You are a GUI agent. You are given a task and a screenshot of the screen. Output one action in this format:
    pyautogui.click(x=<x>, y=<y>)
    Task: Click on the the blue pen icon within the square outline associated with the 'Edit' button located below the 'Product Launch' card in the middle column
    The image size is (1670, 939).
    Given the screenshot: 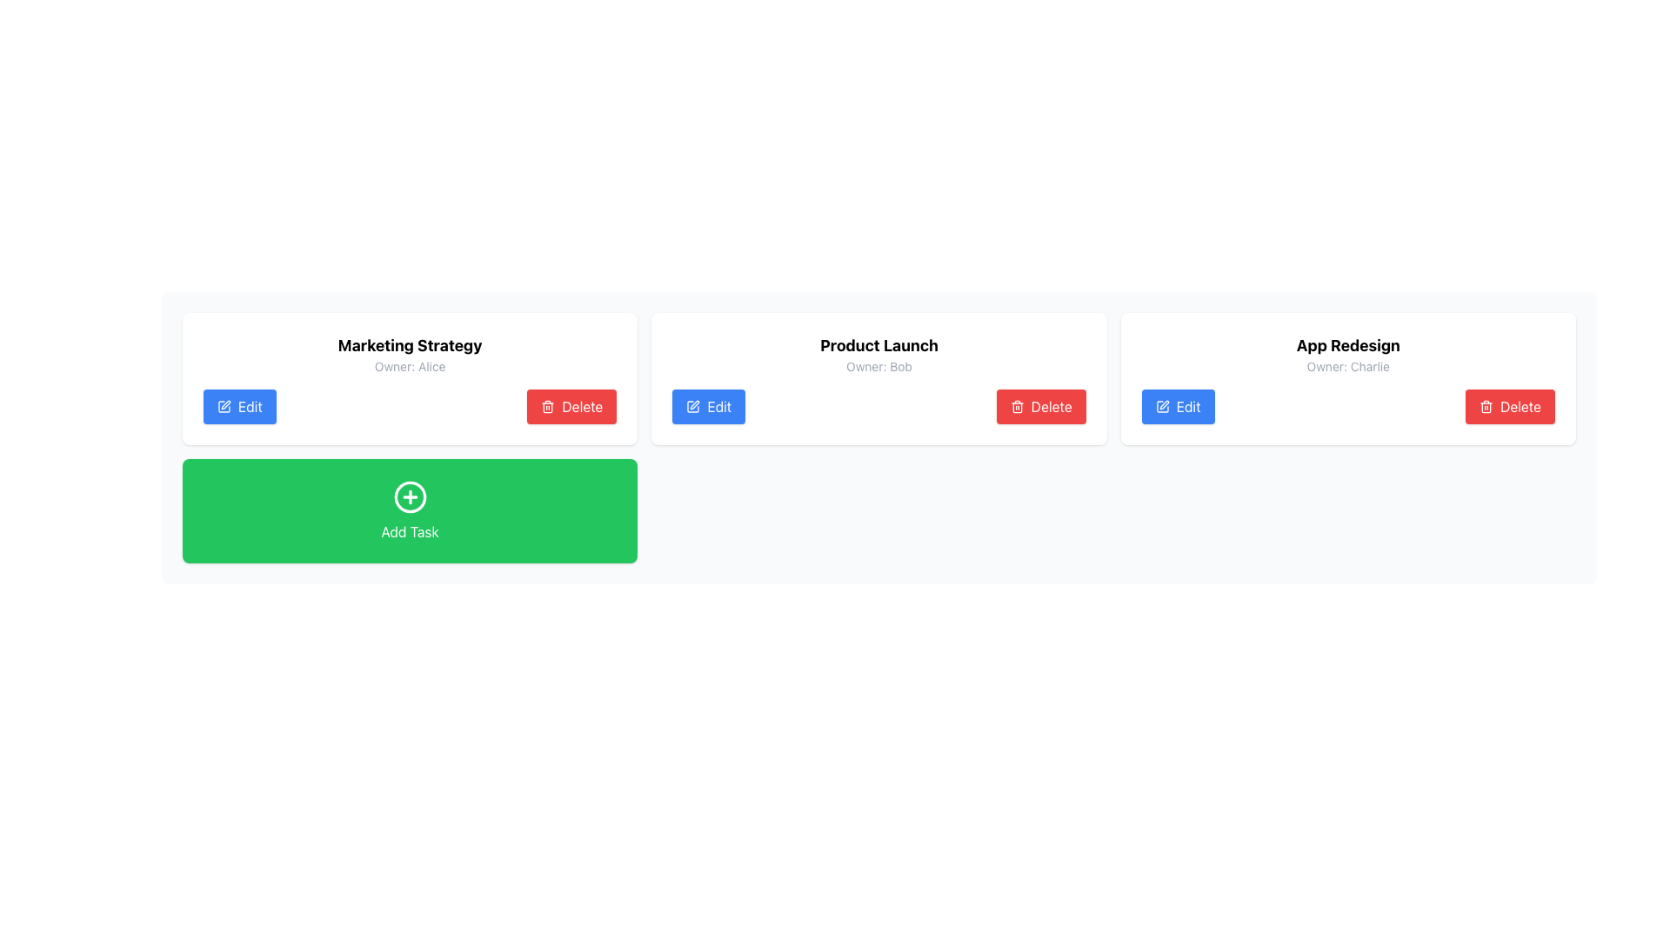 What is the action you would take?
    pyautogui.click(x=692, y=406)
    